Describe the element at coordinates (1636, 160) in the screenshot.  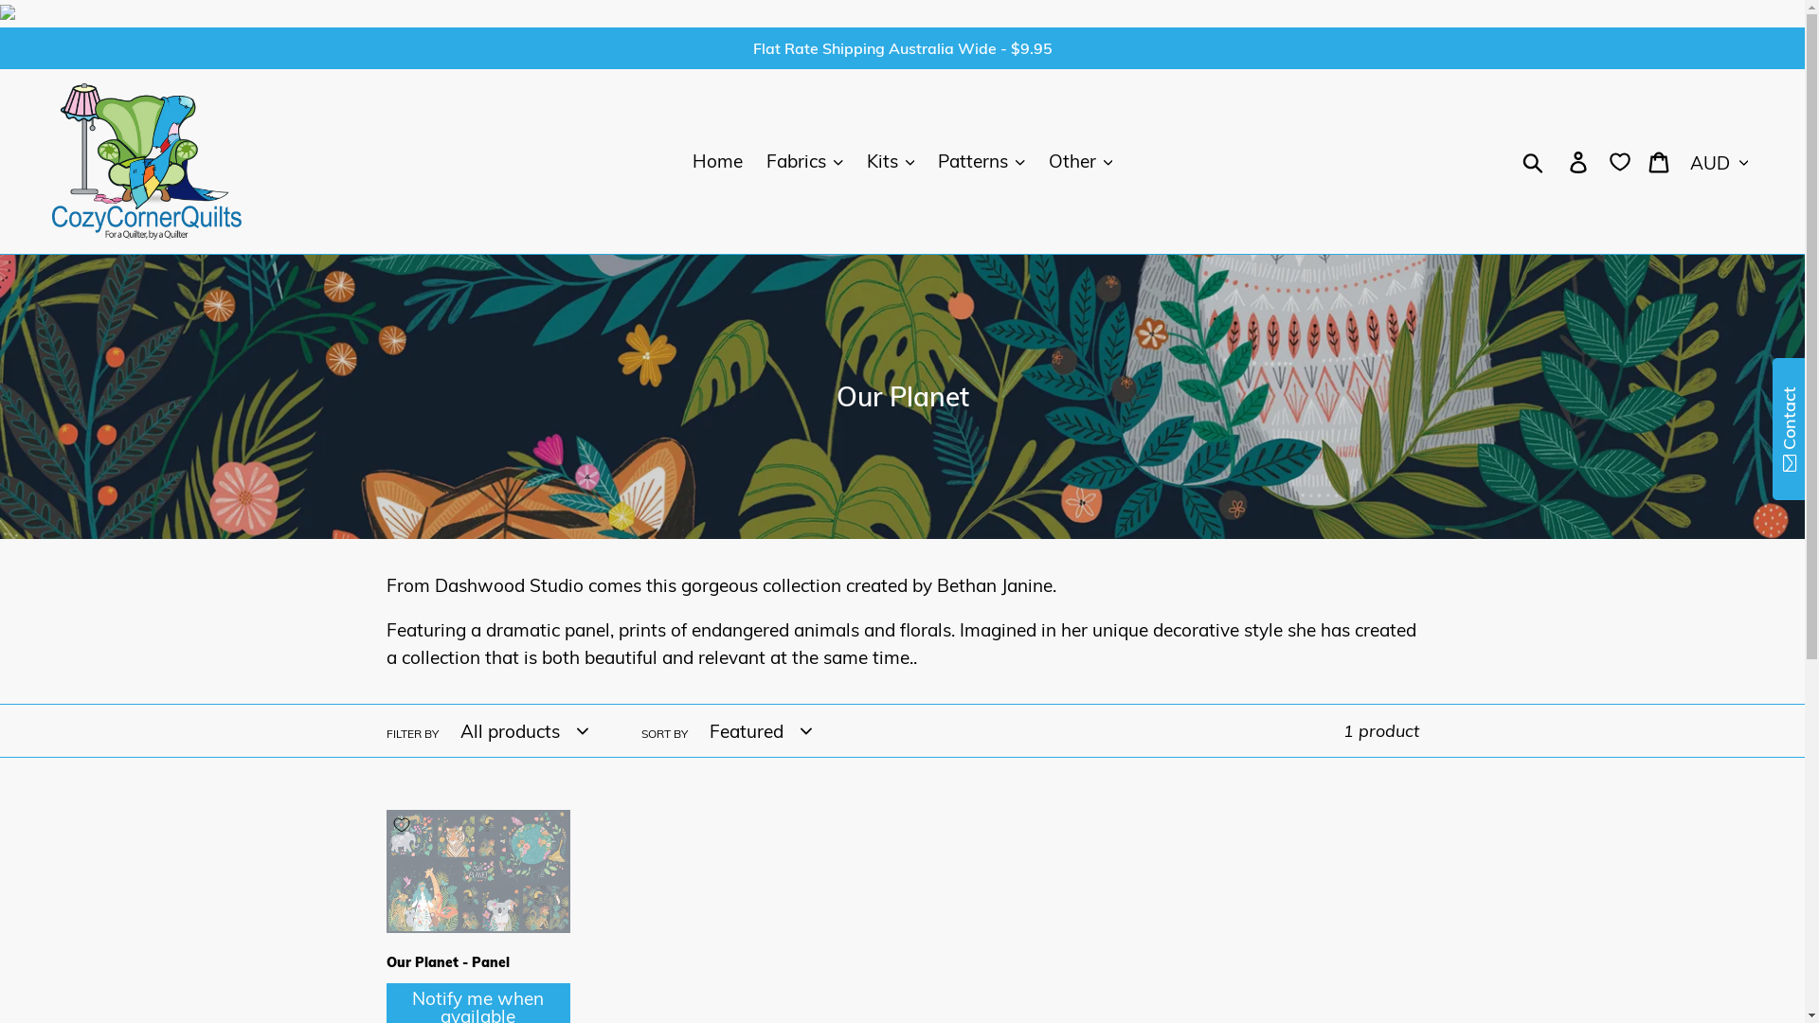
I see `'Cart'` at that location.